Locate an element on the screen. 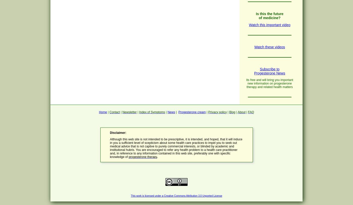 This screenshot has height=205, width=353. 'progesterone therapy' is located at coordinates (143, 156).